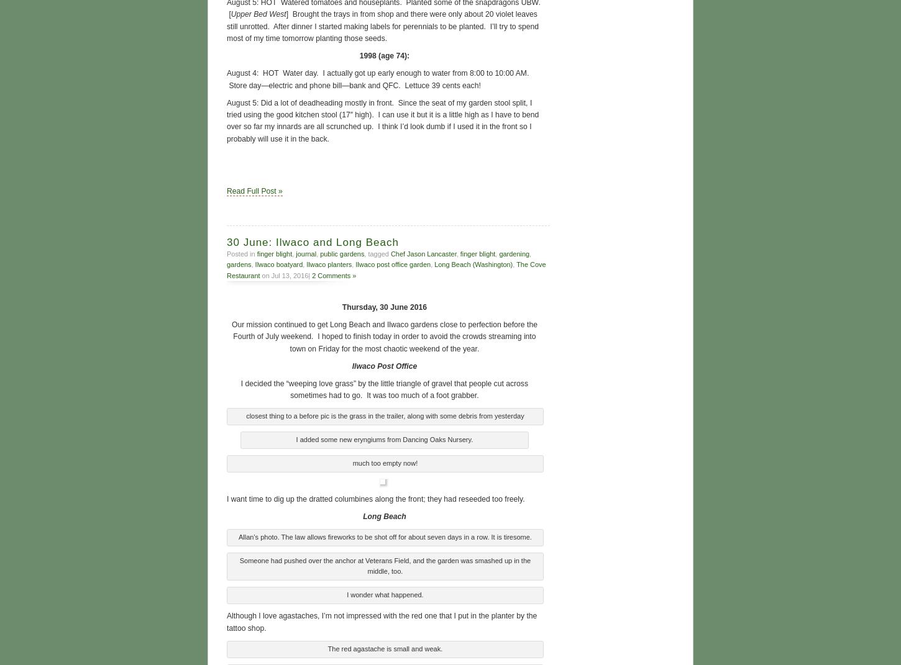  I want to click on 'I added some new eryngiums from Dancing Oaks Nursery.', so click(383, 438).